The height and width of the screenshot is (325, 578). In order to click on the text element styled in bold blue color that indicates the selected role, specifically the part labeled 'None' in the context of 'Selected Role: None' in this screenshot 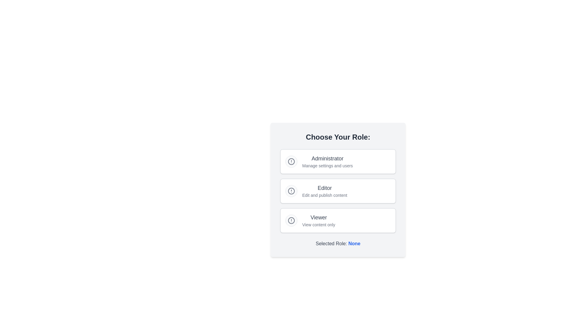, I will do `click(354, 243)`.